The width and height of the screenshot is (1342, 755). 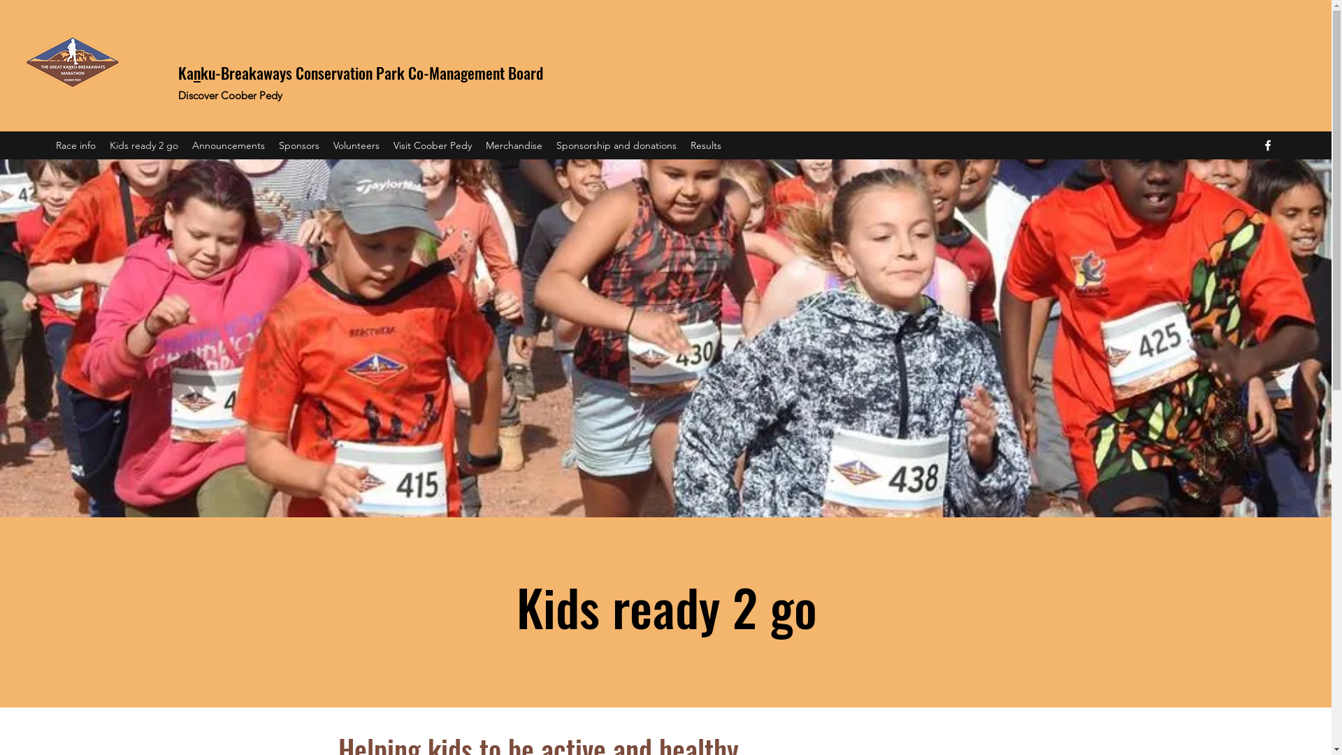 What do you see at coordinates (228, 145) in the screenshot?
I see `'Announcements'` at bounding box center [228, 145].